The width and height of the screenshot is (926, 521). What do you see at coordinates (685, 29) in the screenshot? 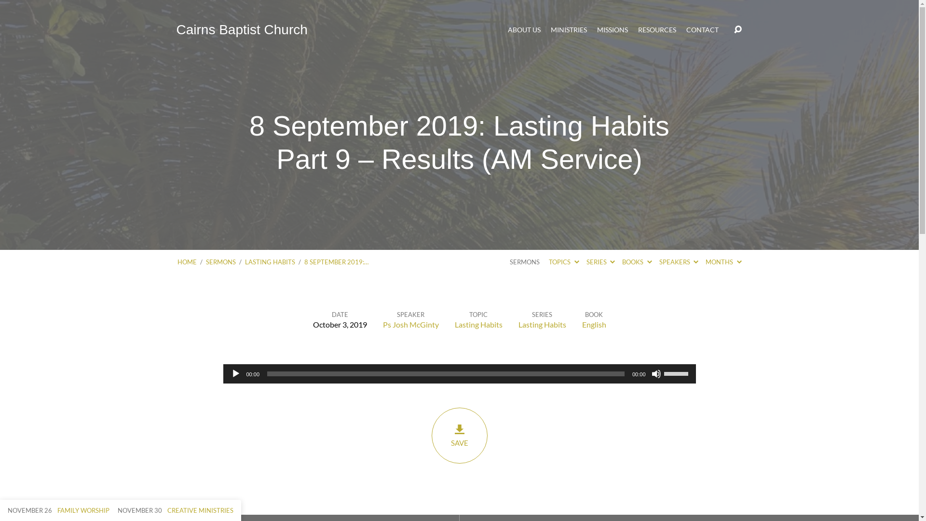
I see `'CONTACT'` at bounding box center [685, 29].